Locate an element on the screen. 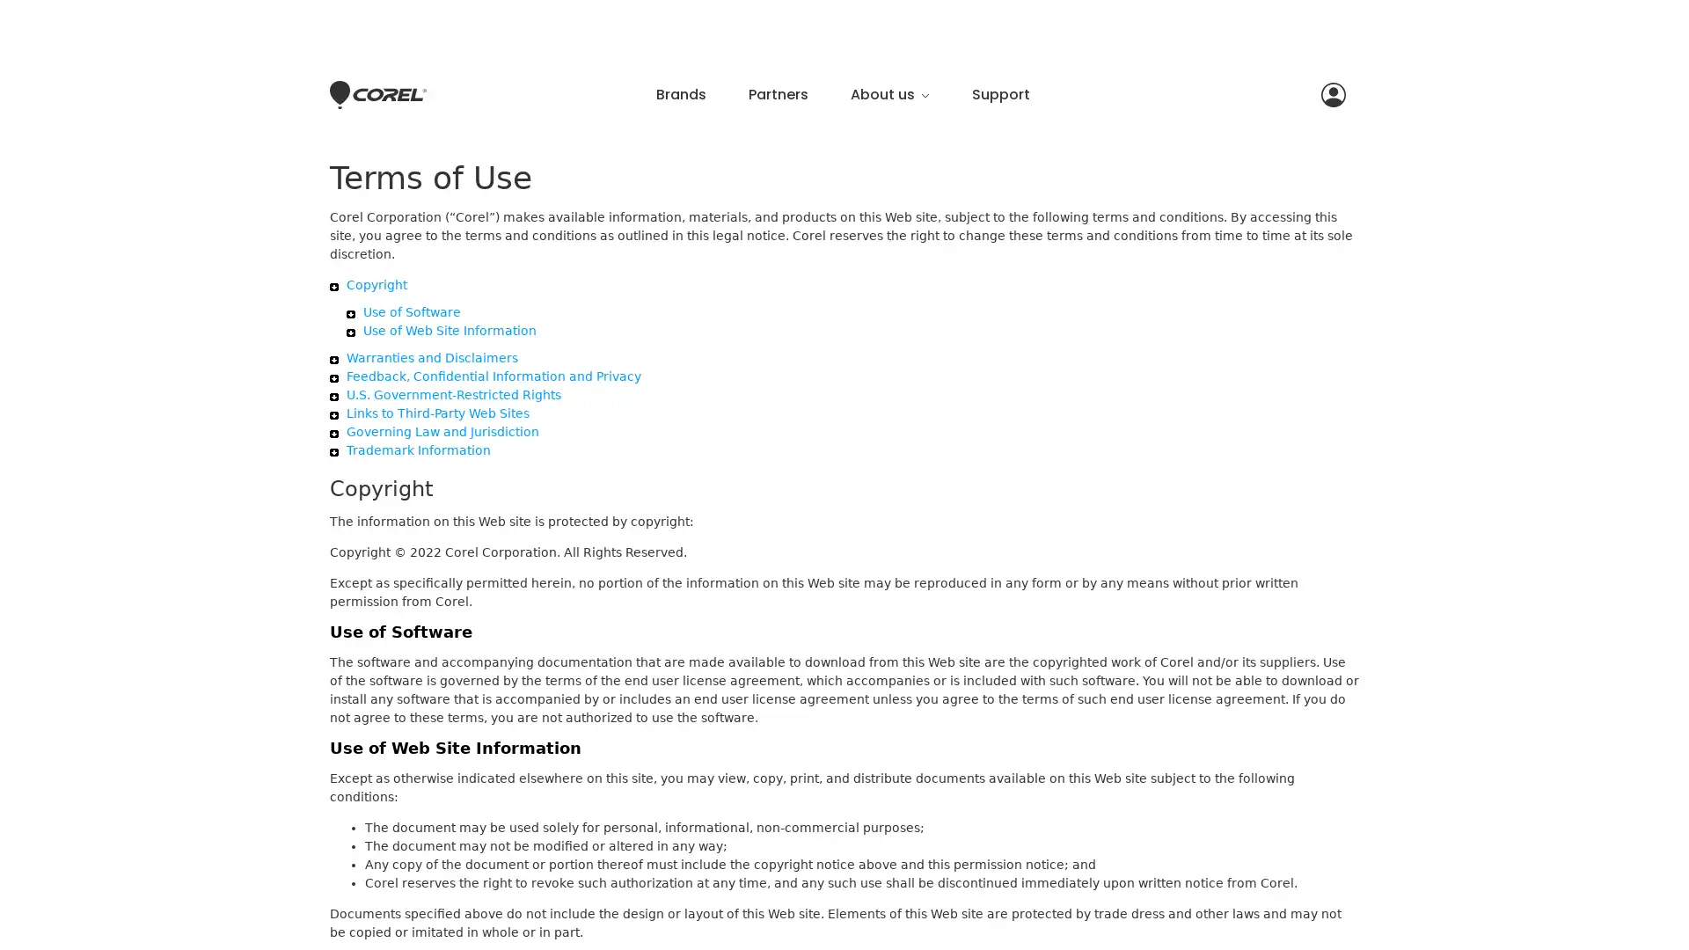  Close is located at coordinates (1659, 895).